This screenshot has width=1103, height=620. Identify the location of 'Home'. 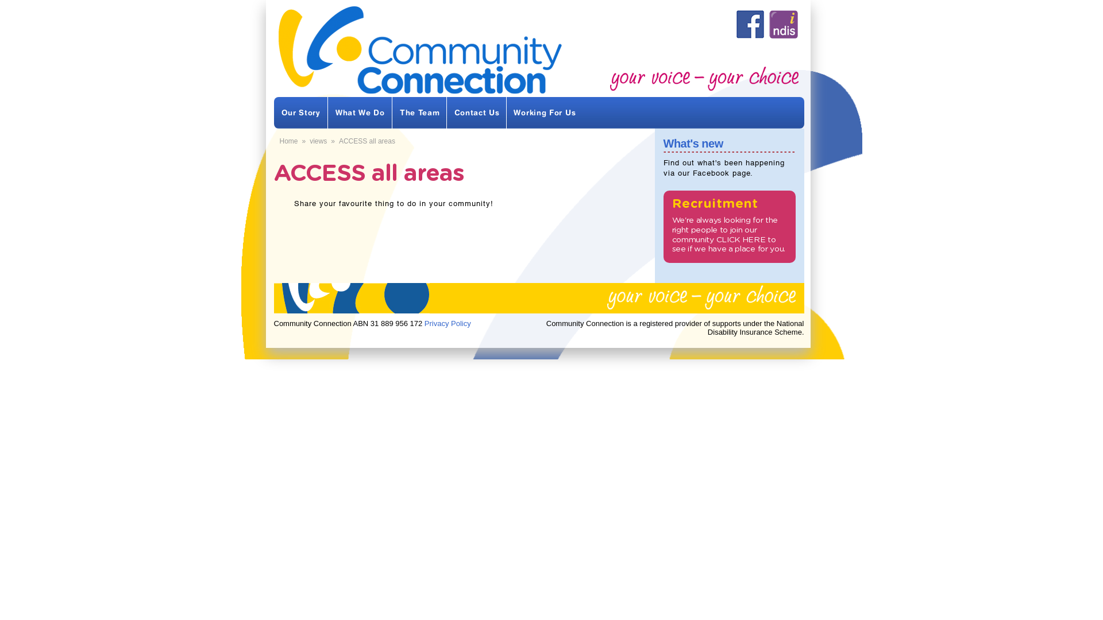
(288, 141).